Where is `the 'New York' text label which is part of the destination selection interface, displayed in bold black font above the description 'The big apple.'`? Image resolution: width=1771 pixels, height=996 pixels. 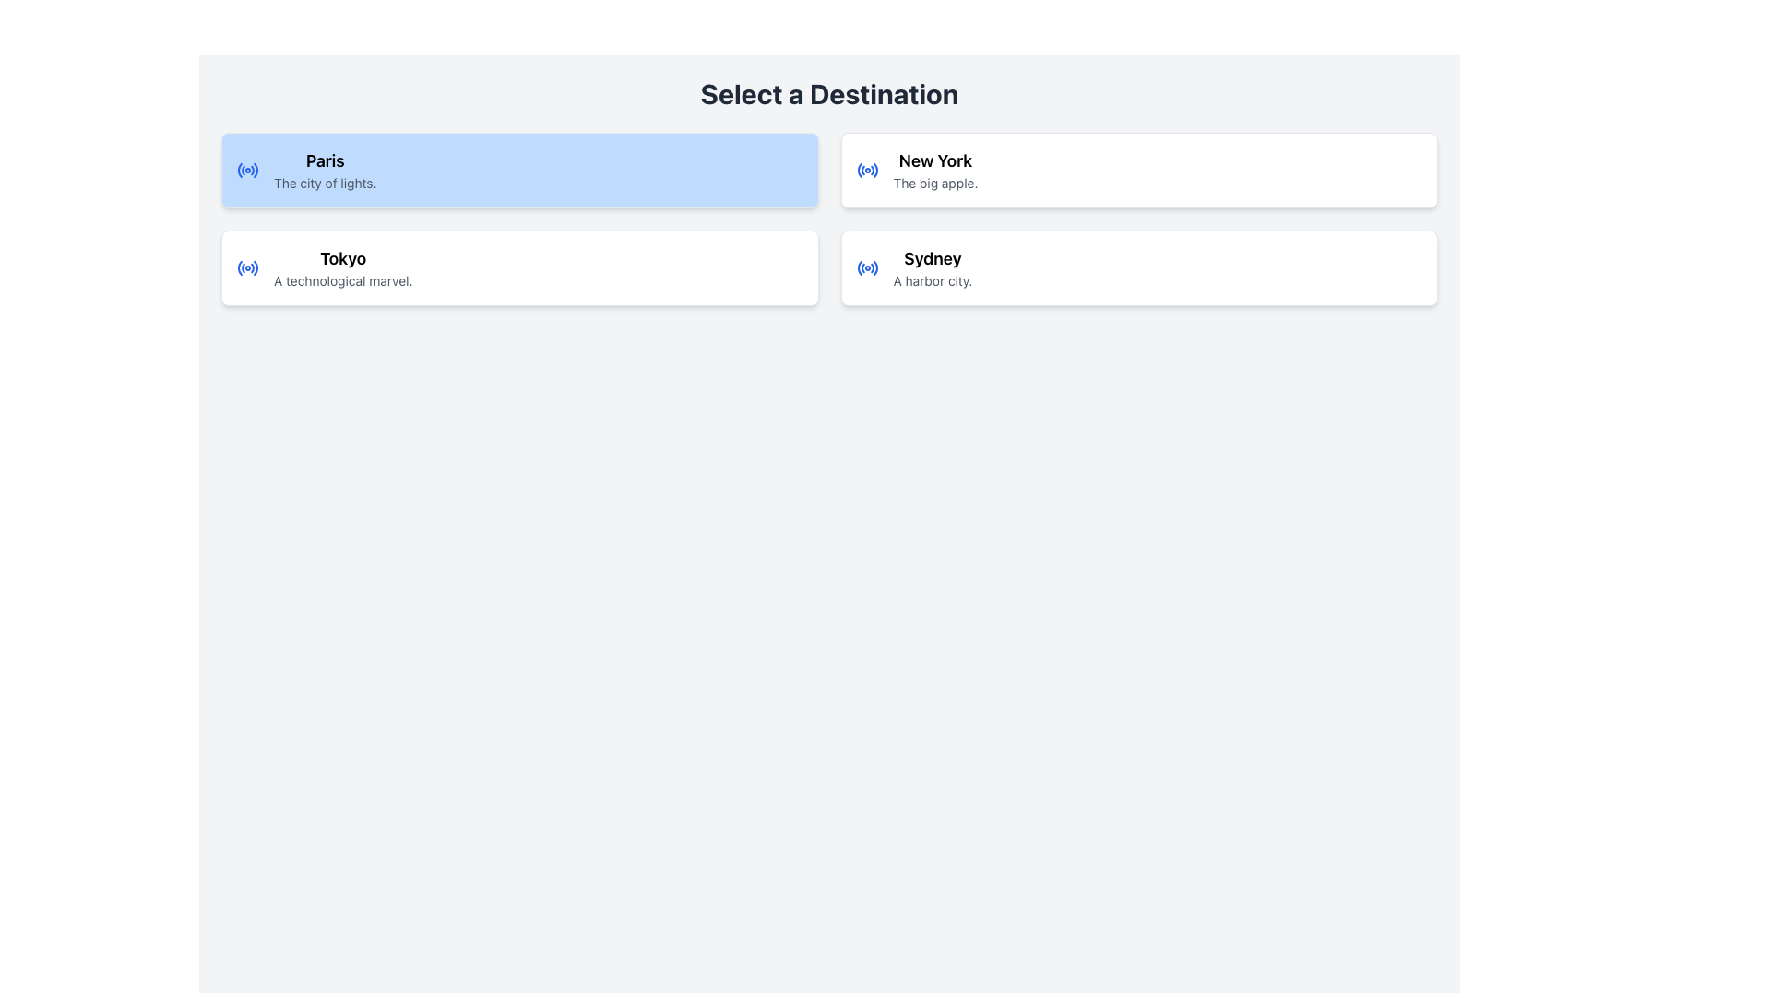
the 'New York' text label which is part of the destination selection interface, displayed in bold black font above the description 'The big apple.' is located at coordinates (935, 160).